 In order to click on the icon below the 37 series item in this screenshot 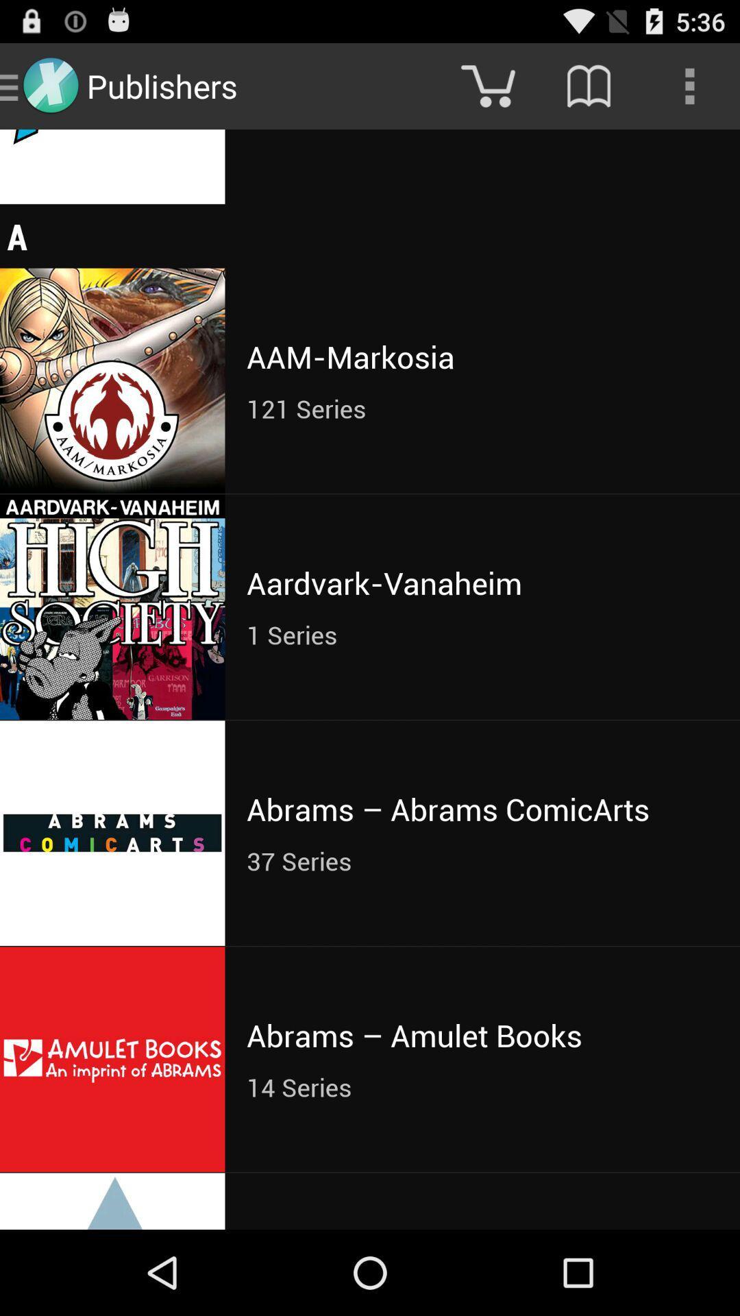, I will do `click(482, 1035)`.